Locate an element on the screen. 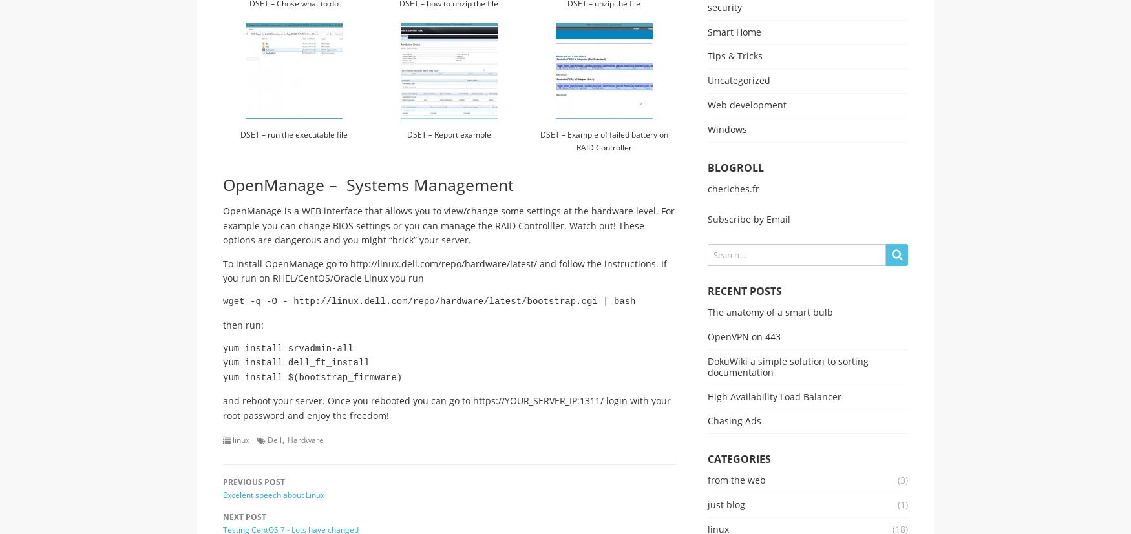  'from the web' is located at coordinates (735, 479).